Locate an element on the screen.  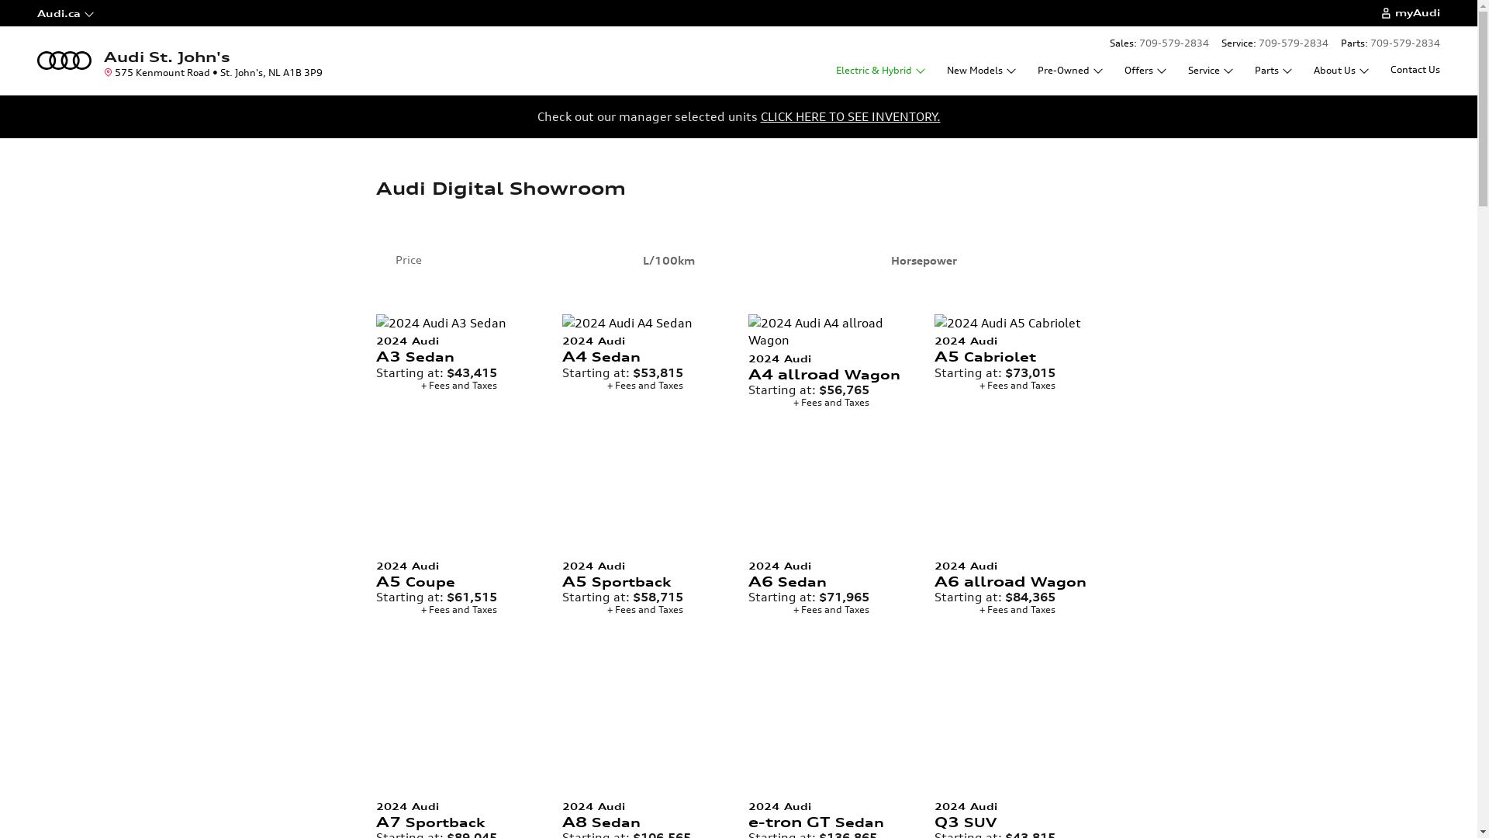
'Contact Us' is located at coordinates (1414, 68).